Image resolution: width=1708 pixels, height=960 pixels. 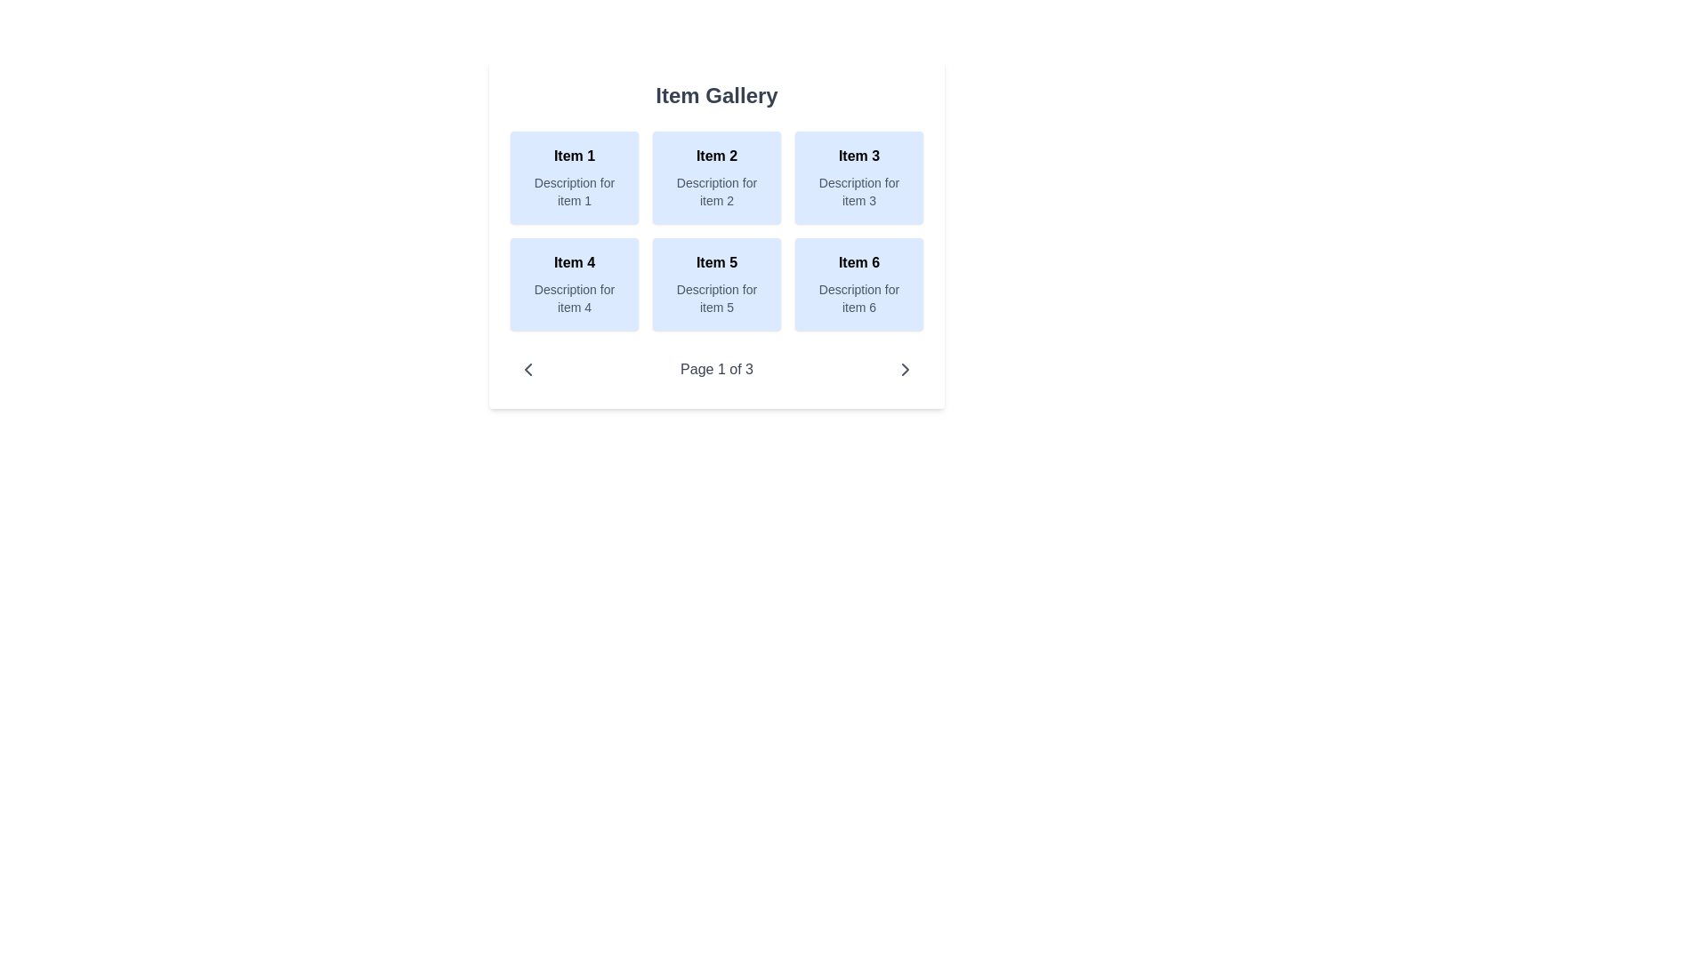 I want to click on the Informational card displaying 'Item 2' and its description in the Item Gallery section, so click(x=717, y=178).